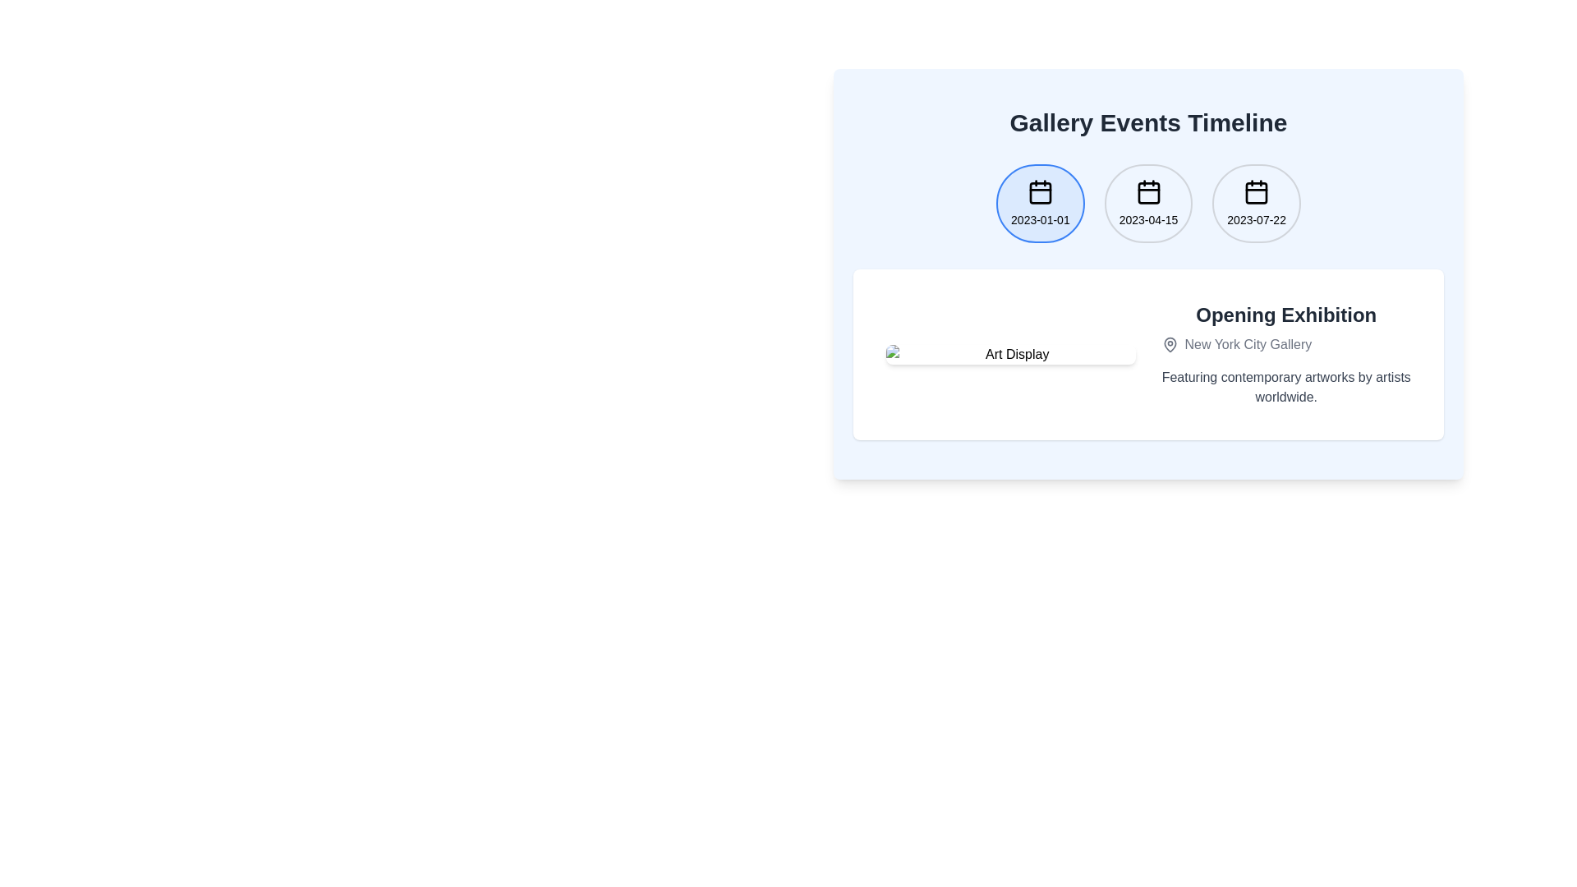 The image size is (1577, 887). I want to click on the calendar icon, which is the second in the row within the 'Gallery Events Timeline' section, so click(1147, 191).